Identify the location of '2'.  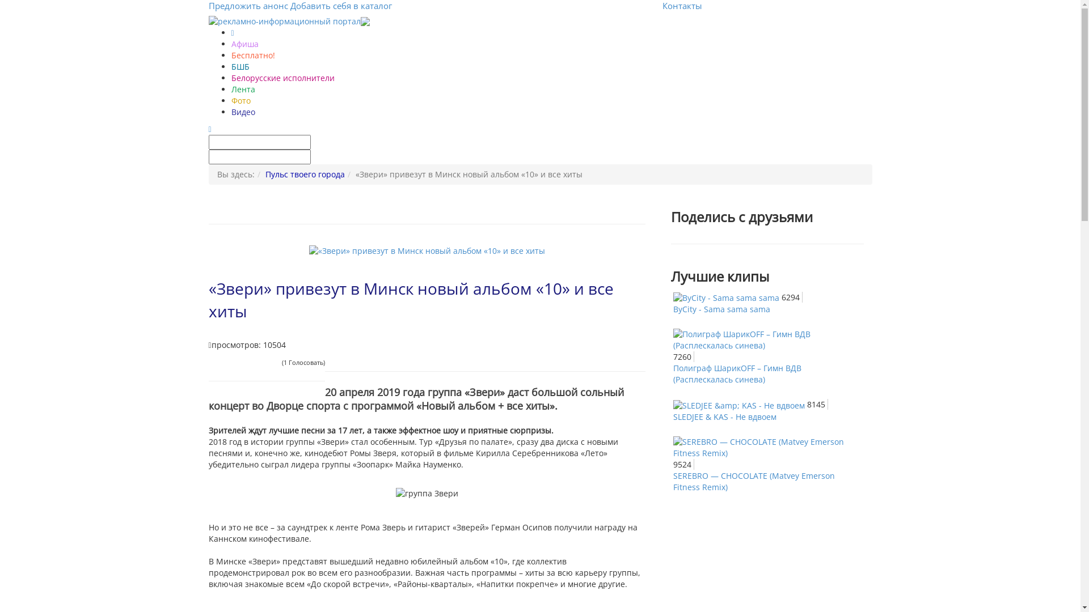
(223, 362).